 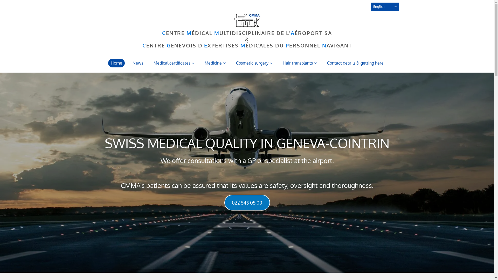 I want to click on 'M', so click(x=189, y=33).